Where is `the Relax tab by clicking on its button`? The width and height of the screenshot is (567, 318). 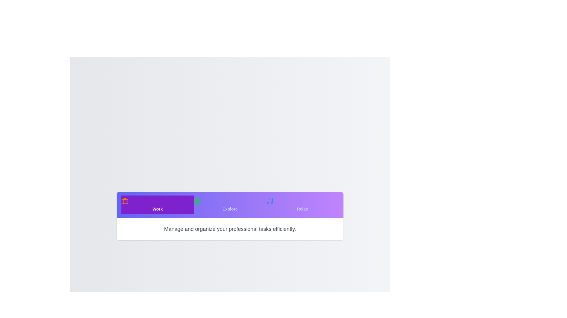 the Relax tab by clicking on its button is located at coordinates (302, 204).